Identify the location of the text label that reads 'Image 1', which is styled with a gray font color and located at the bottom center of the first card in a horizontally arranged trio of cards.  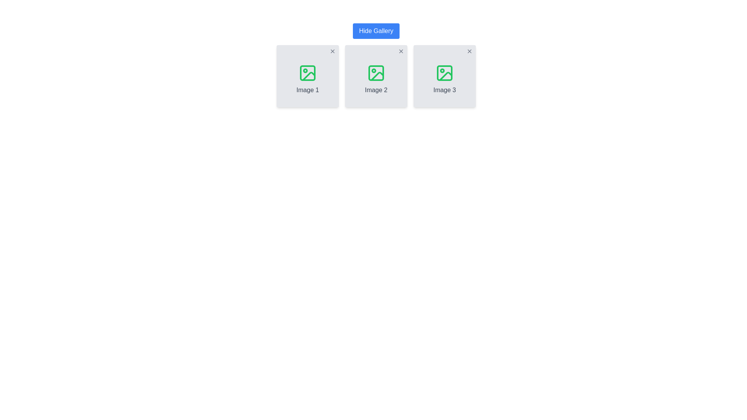
(307, 89).